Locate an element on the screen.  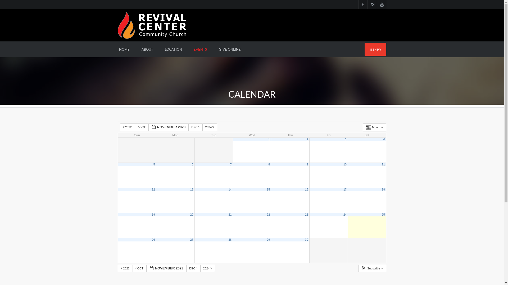
'1' is located at coordinates (268, 139).